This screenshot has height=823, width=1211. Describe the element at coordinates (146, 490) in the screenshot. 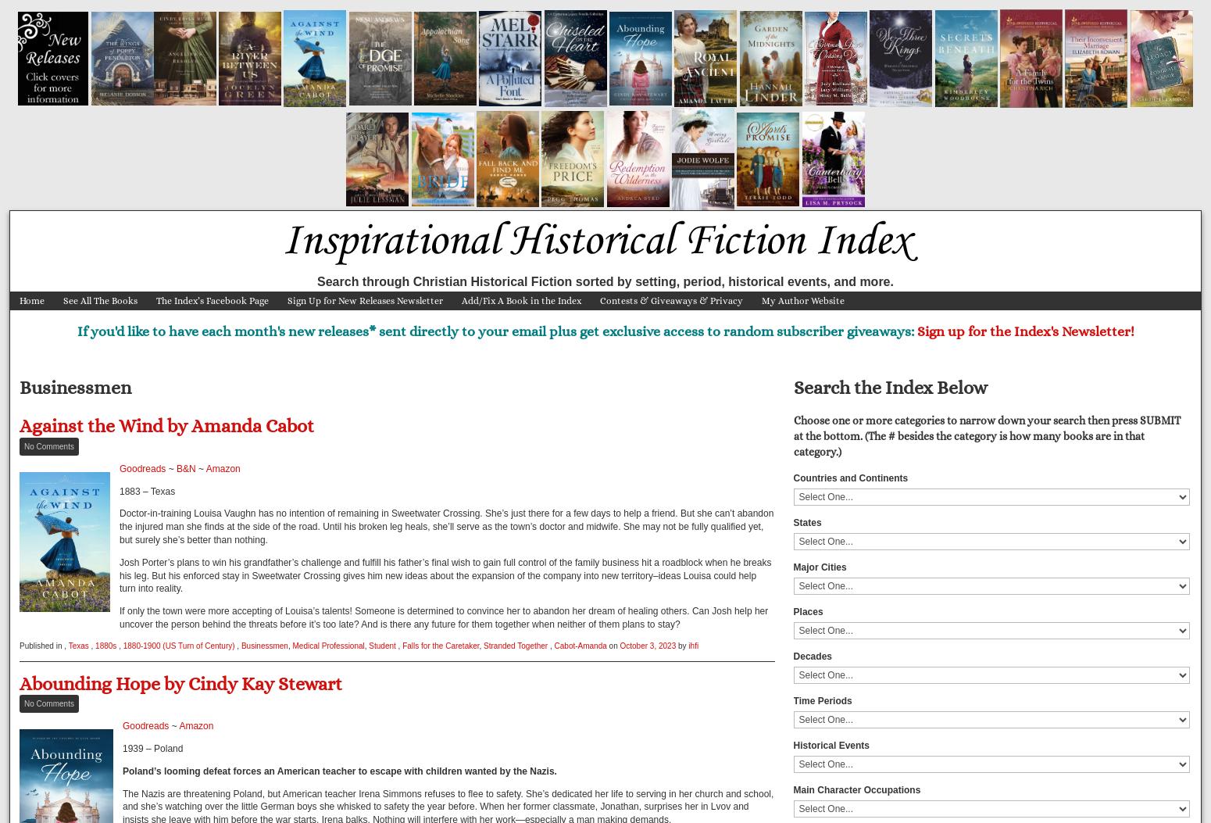

I see `'1883 – Texas'` at that location.